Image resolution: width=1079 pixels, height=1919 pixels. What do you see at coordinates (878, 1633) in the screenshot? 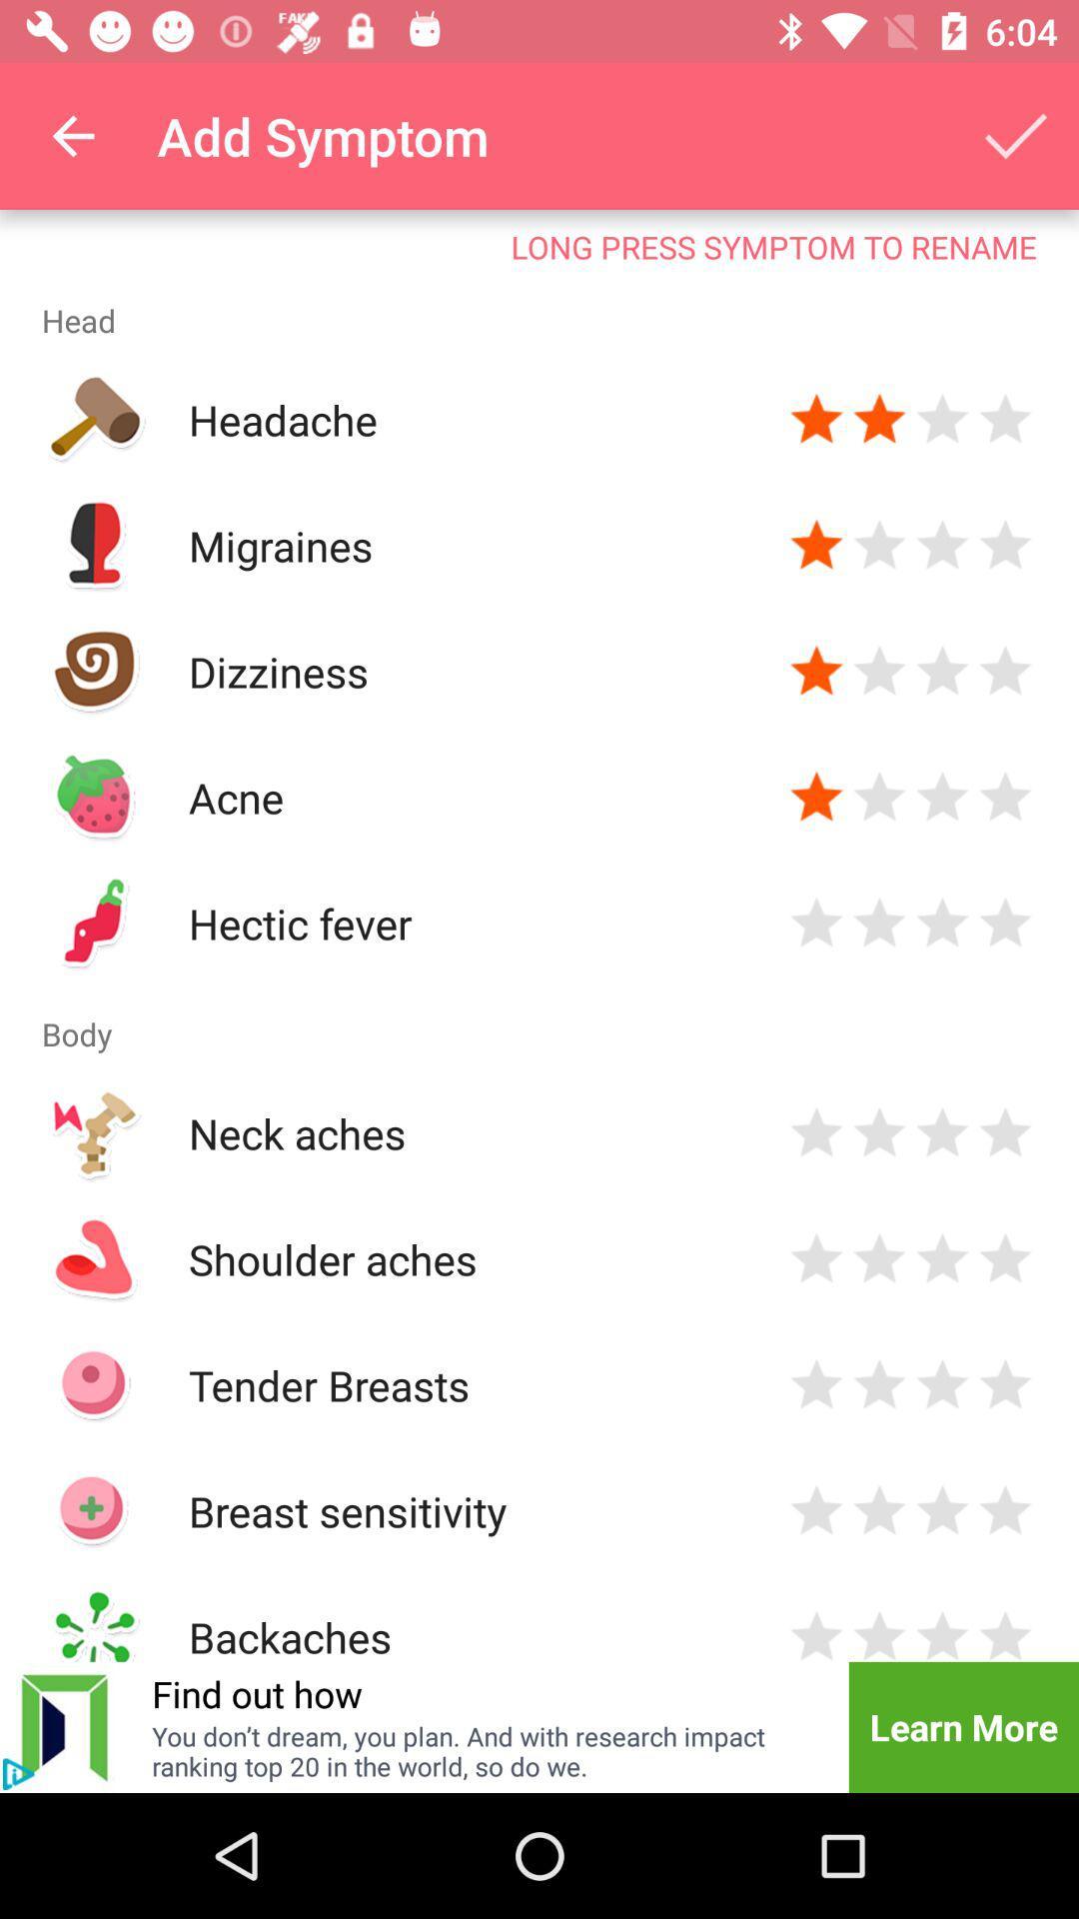
I see `give a two stars rate` at bounding box center [878, 1633].